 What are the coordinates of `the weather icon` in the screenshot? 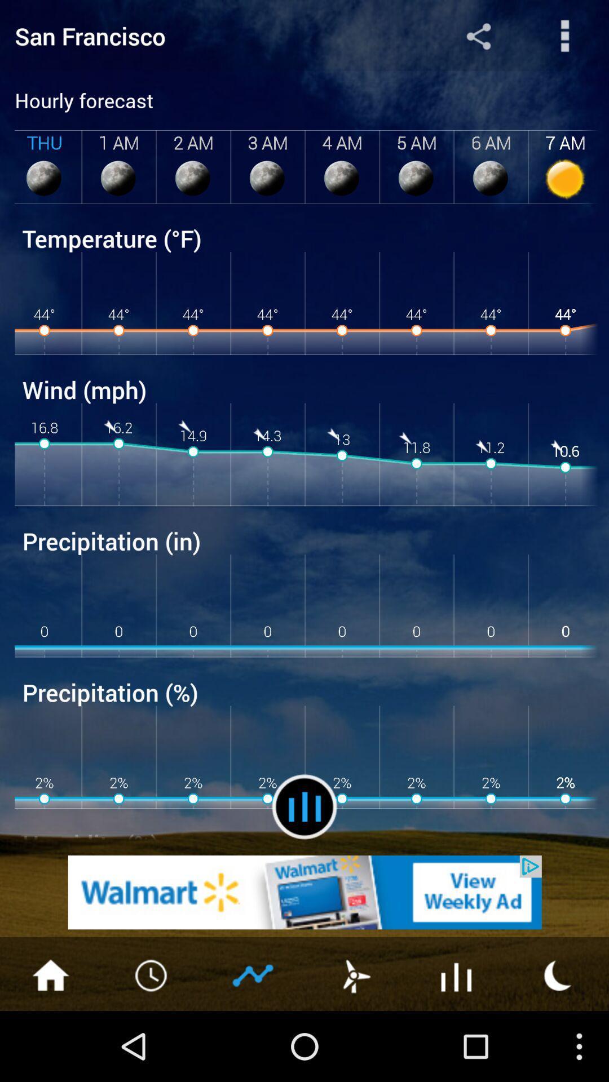 It's located at (558, 1042).